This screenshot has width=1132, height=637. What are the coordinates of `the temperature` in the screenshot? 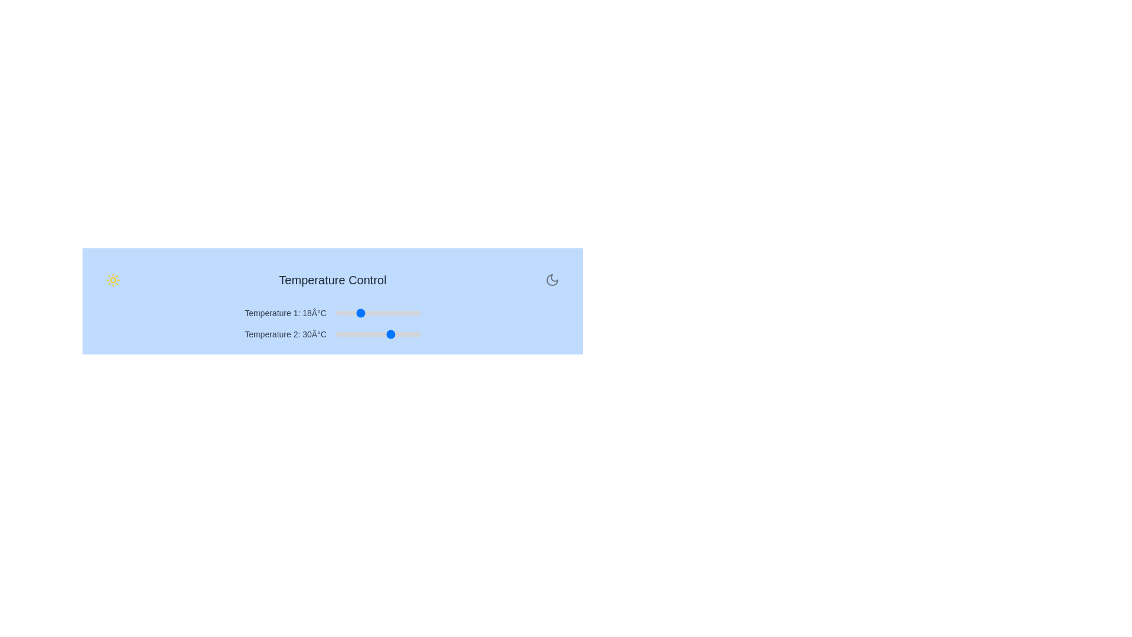 It's located at (415, 313).